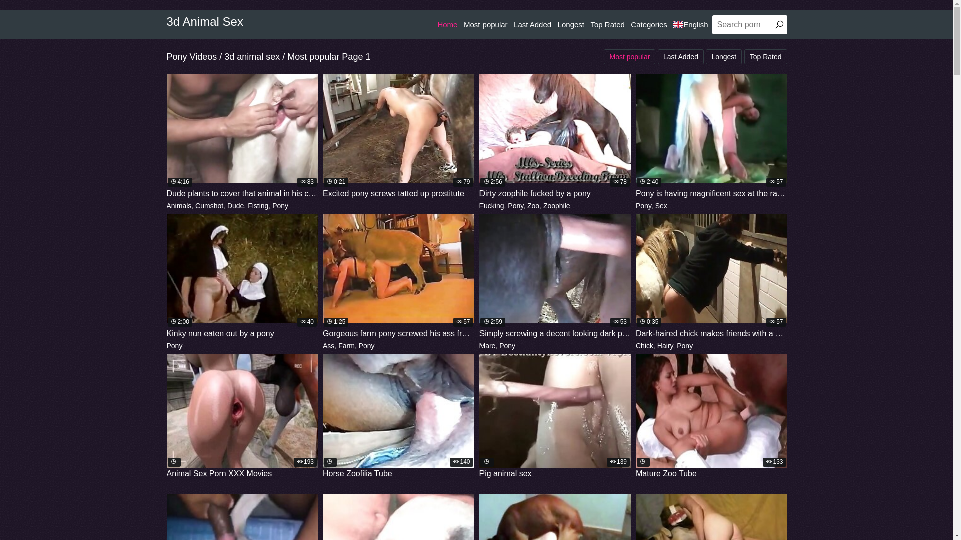  Describe the element at coordinates (514, 24) in the screenshot. I see `'Last Added'` at that location.